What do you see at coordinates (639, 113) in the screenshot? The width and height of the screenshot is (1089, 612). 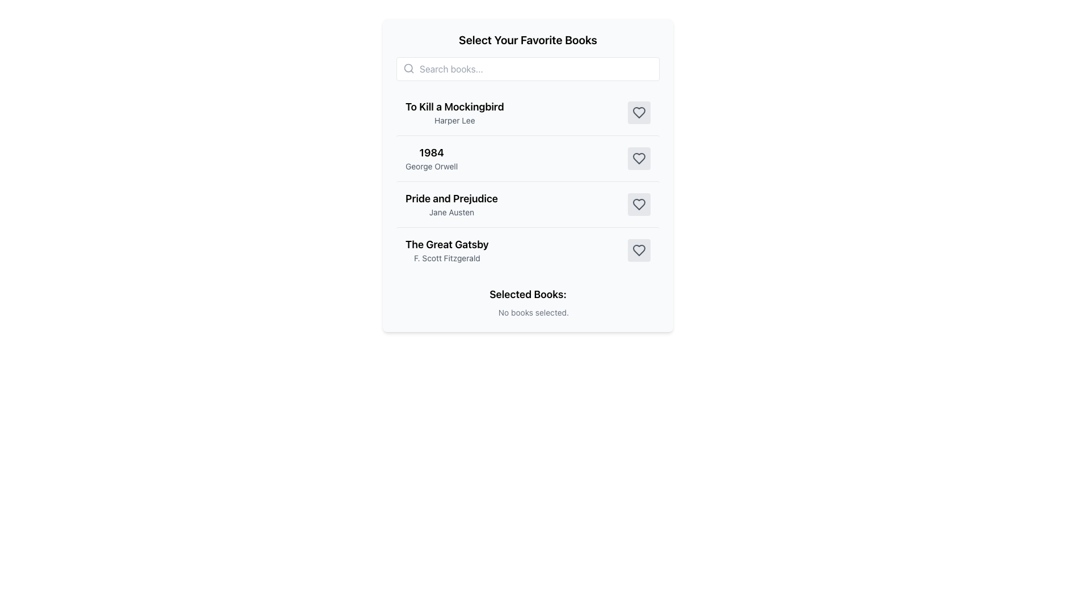 I see `the 'like' or 'favorite' button associated with the book 'To Kill a Mockingbird' by Harper Lee` at bounding box center [639, 113].